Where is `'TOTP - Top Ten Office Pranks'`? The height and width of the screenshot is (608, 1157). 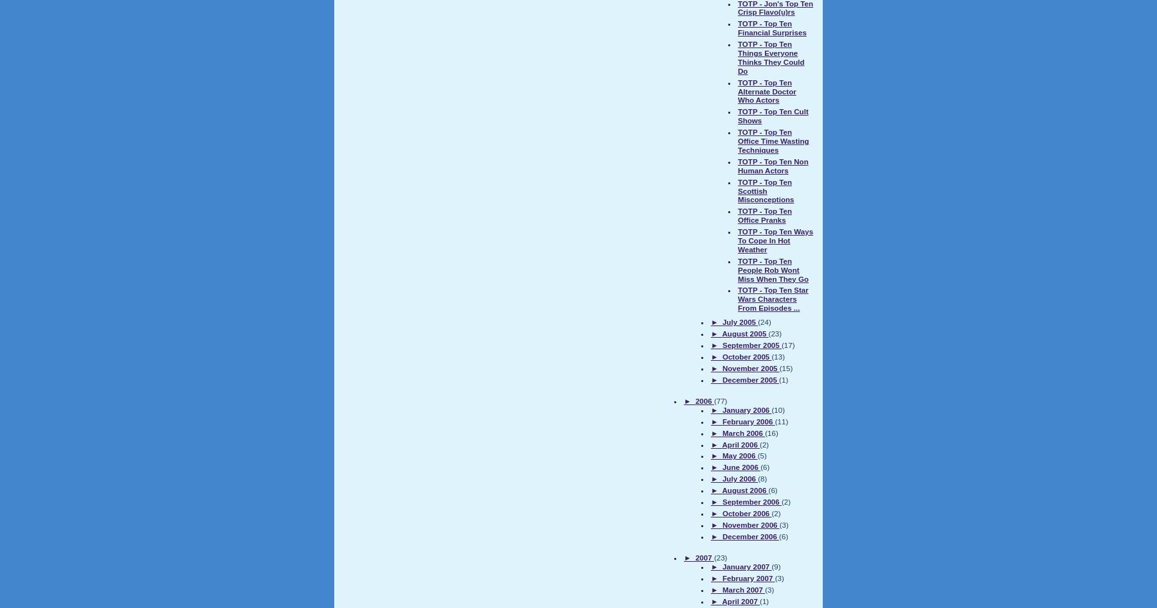
'TOTP - Top Ten Office Pranks' is located at coordinates (764, 214).